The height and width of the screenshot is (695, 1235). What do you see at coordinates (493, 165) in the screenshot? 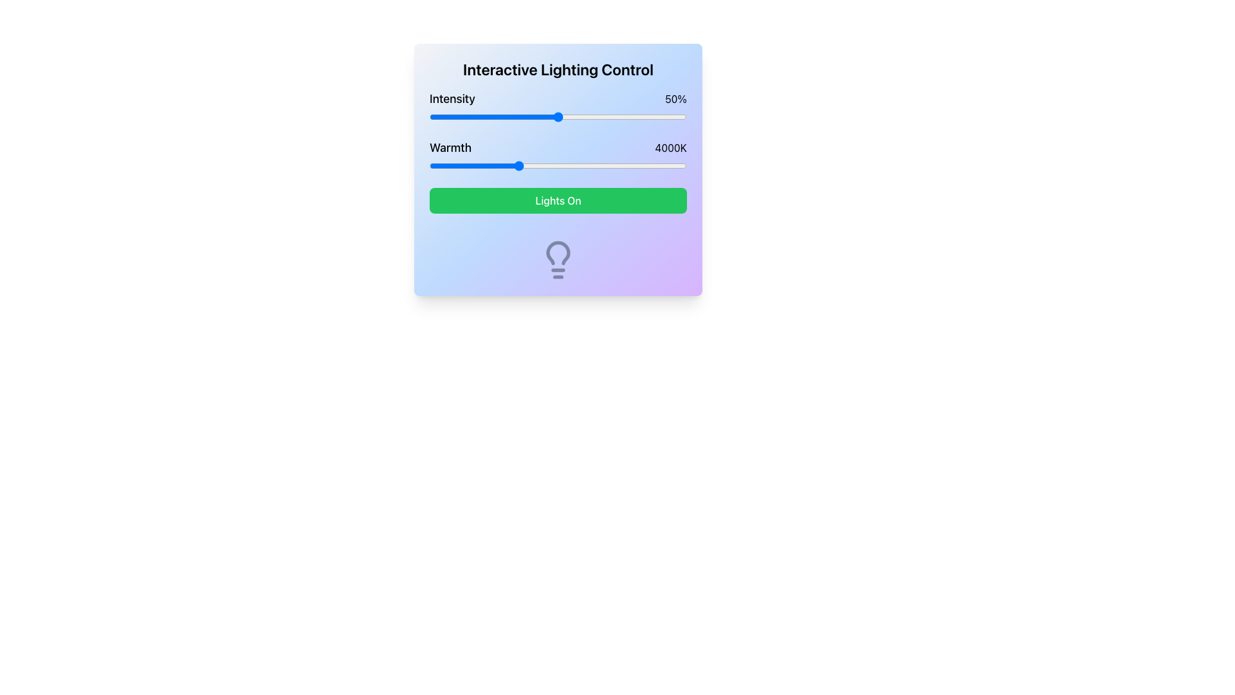
I see `warmth` at bounding box center [493, 165].